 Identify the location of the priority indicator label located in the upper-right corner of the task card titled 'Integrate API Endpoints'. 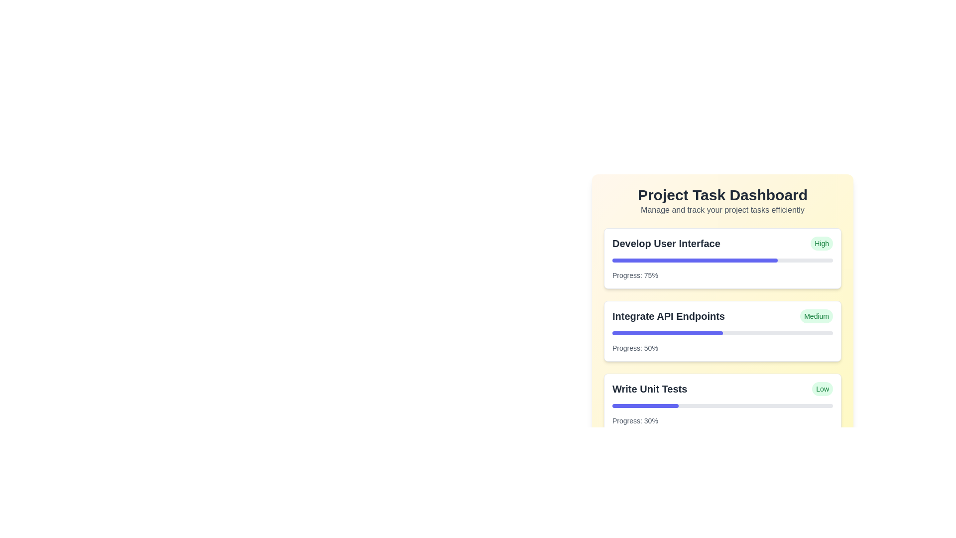
(817, 316).